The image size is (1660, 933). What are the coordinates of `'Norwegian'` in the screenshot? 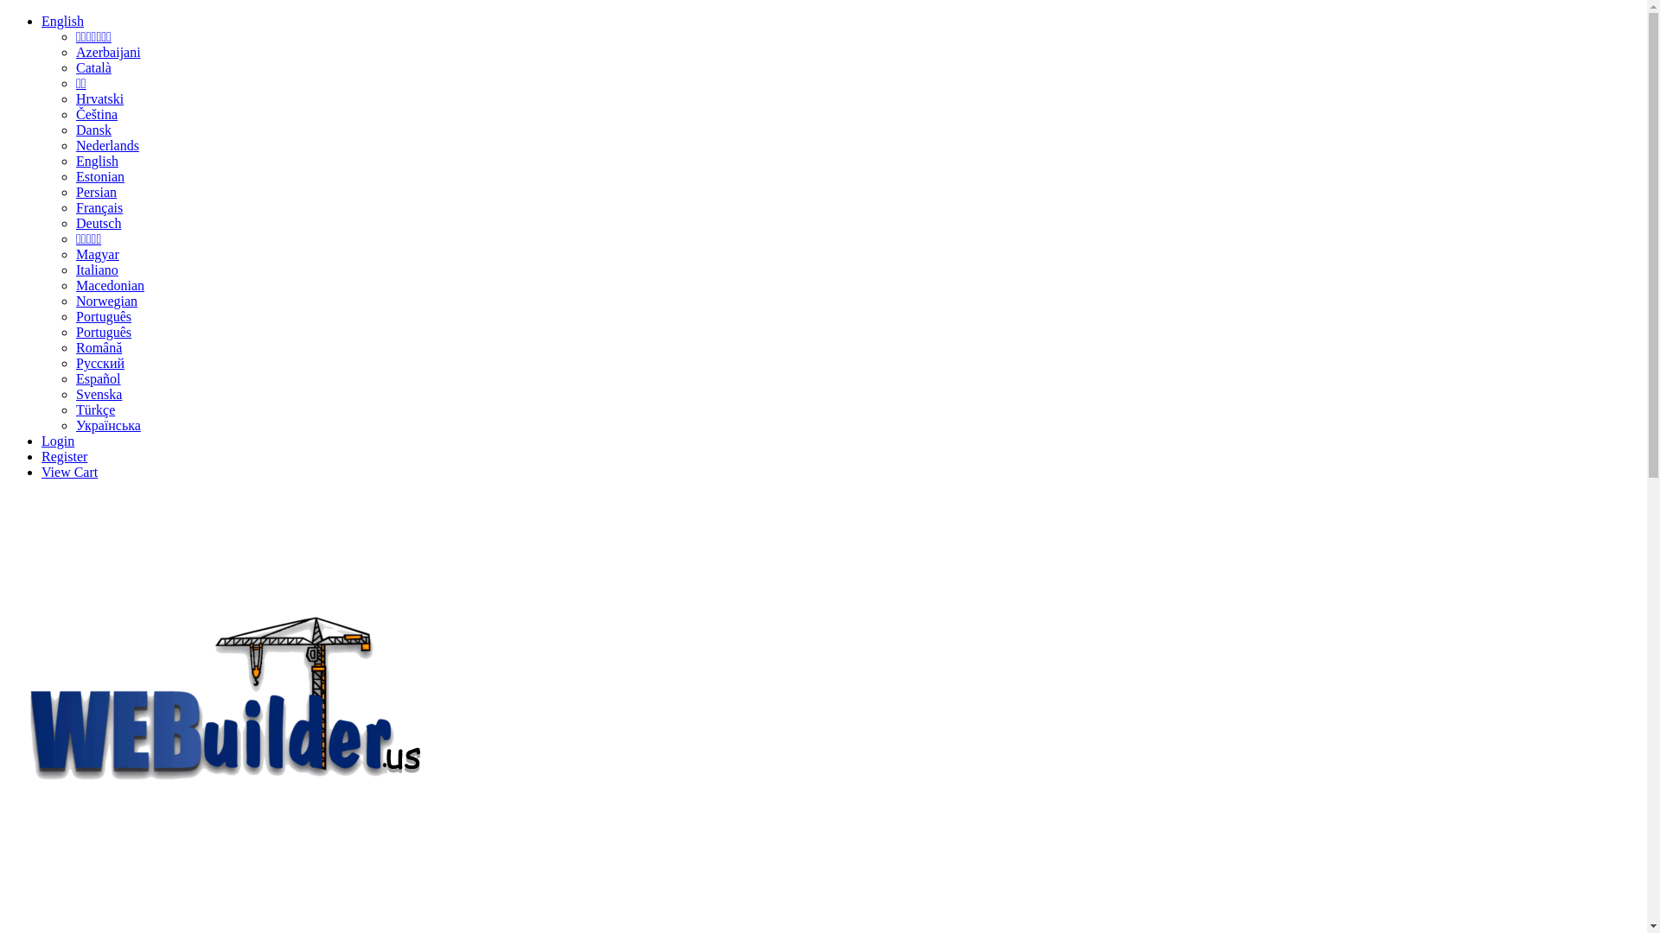 It's located at (105, 300).